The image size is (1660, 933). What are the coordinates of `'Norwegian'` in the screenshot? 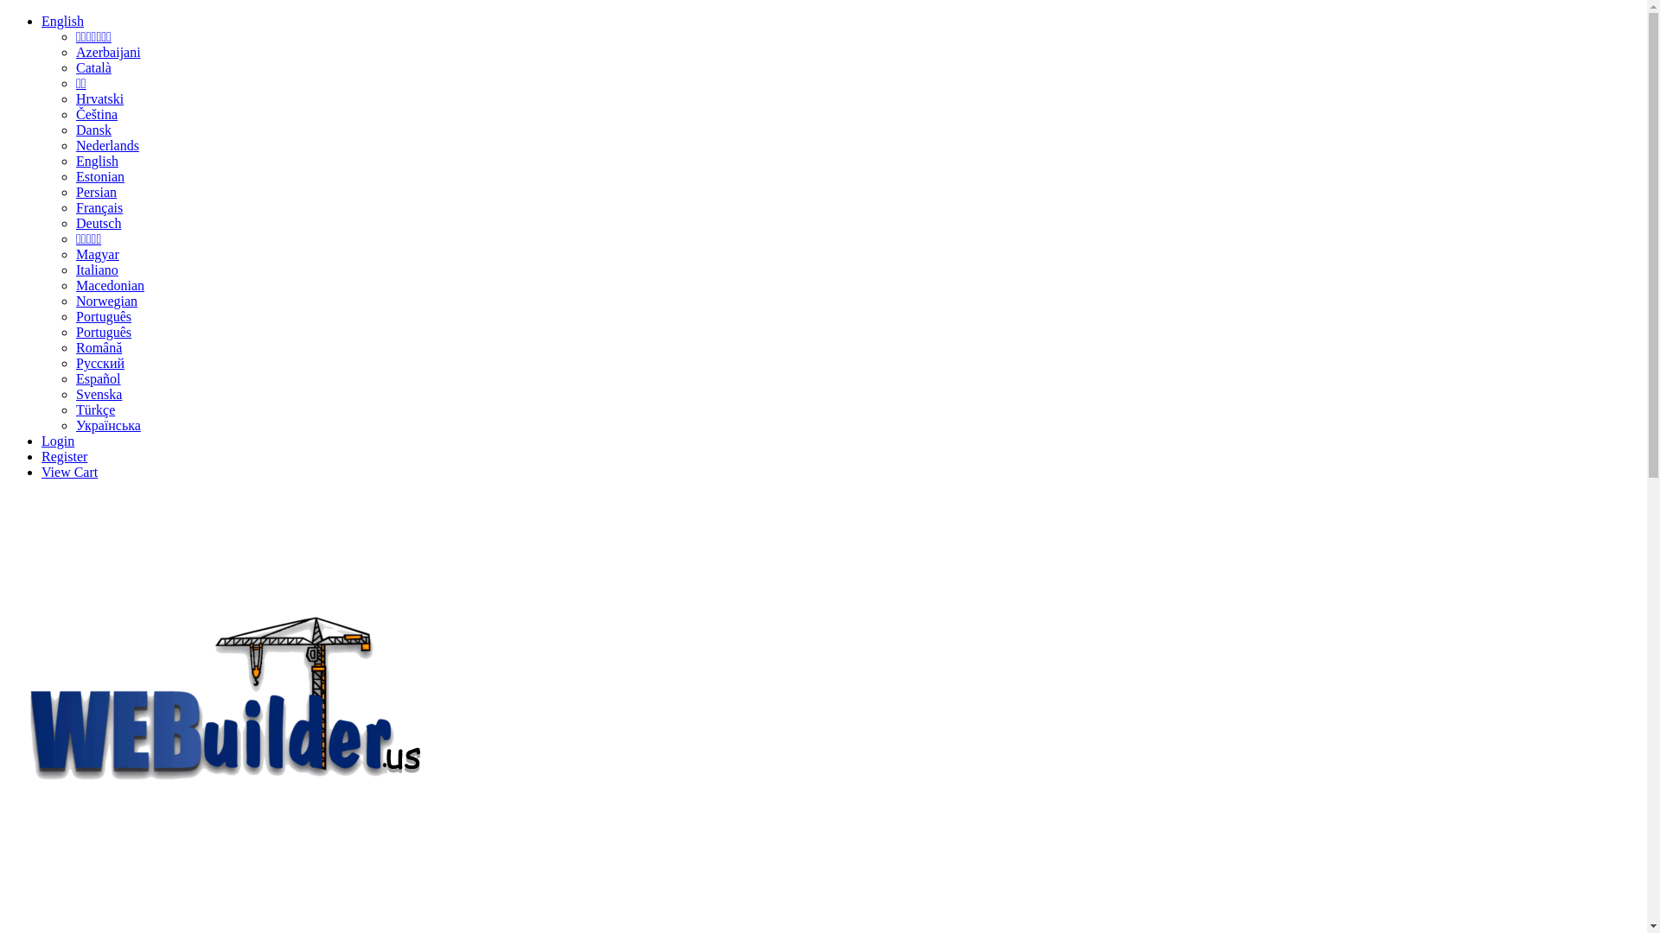 It's located at (105, 300).